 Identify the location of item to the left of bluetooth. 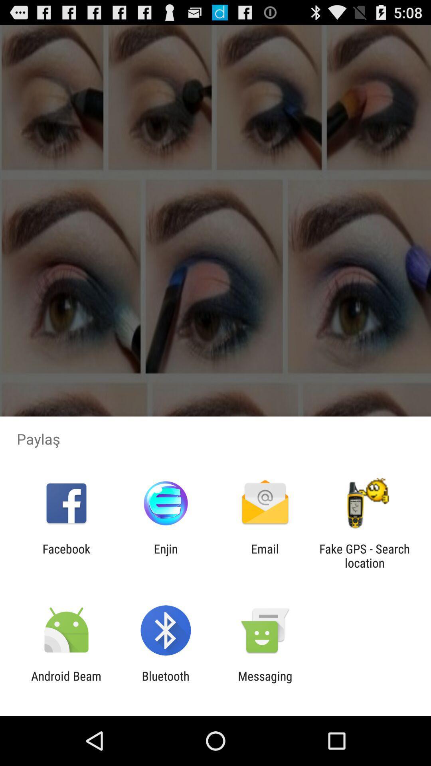
(66, 683).